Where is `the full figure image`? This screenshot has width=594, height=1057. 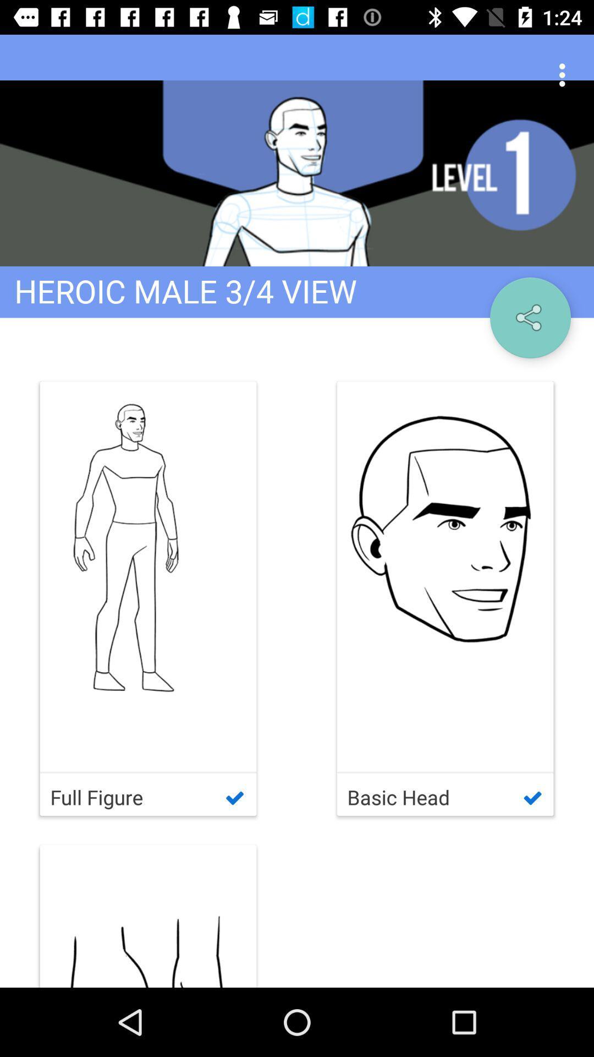 the full figure image is located at coordinates (148, 576).